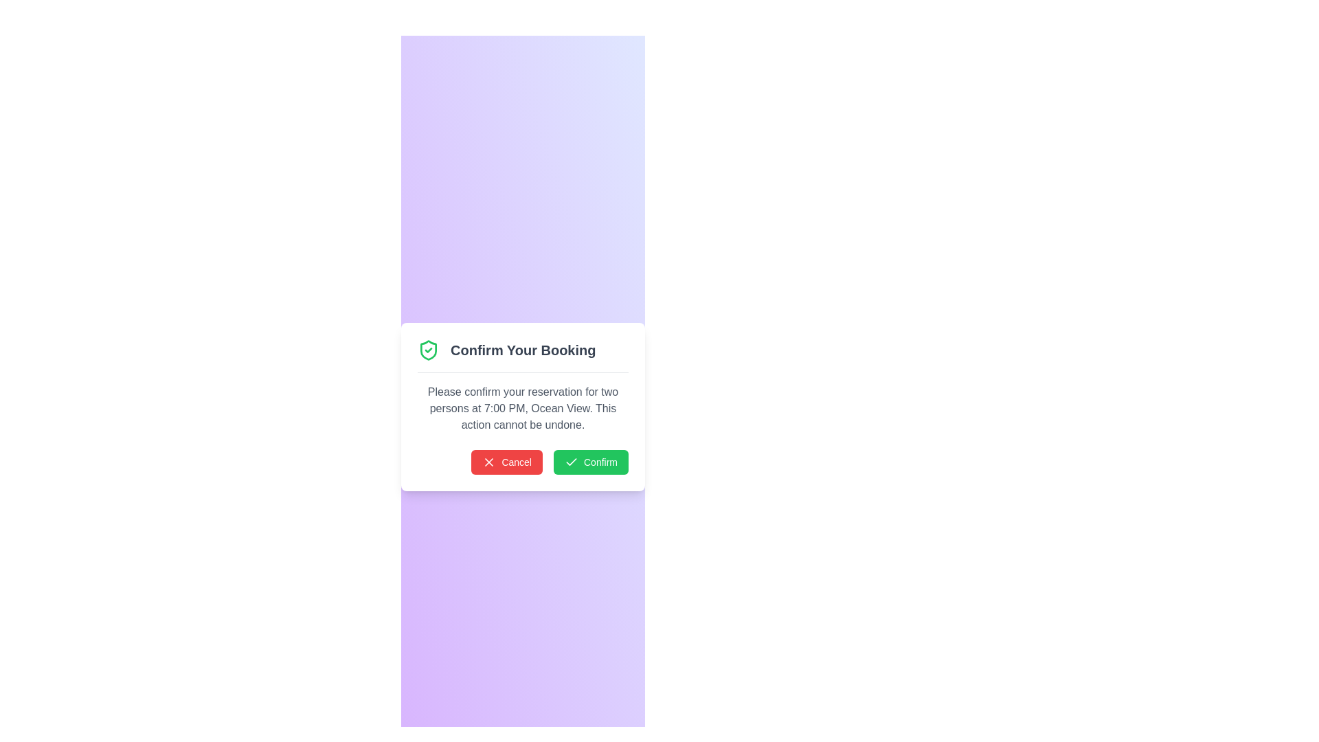 The width and height of the screenshot is (1319, 742). I want to click on the 'Confirm Your Booking' heading with the green shield icon, which is located at the top-center of the modal dialog, so click(522, 355).